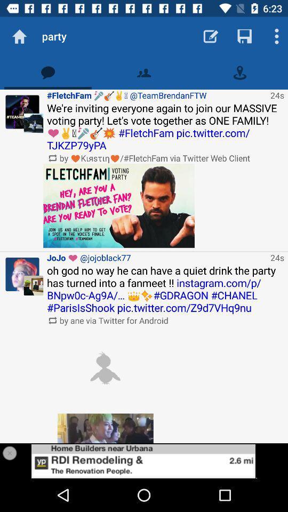 The image size is (288, 512). I want to click on contacts, so click(144, 72).